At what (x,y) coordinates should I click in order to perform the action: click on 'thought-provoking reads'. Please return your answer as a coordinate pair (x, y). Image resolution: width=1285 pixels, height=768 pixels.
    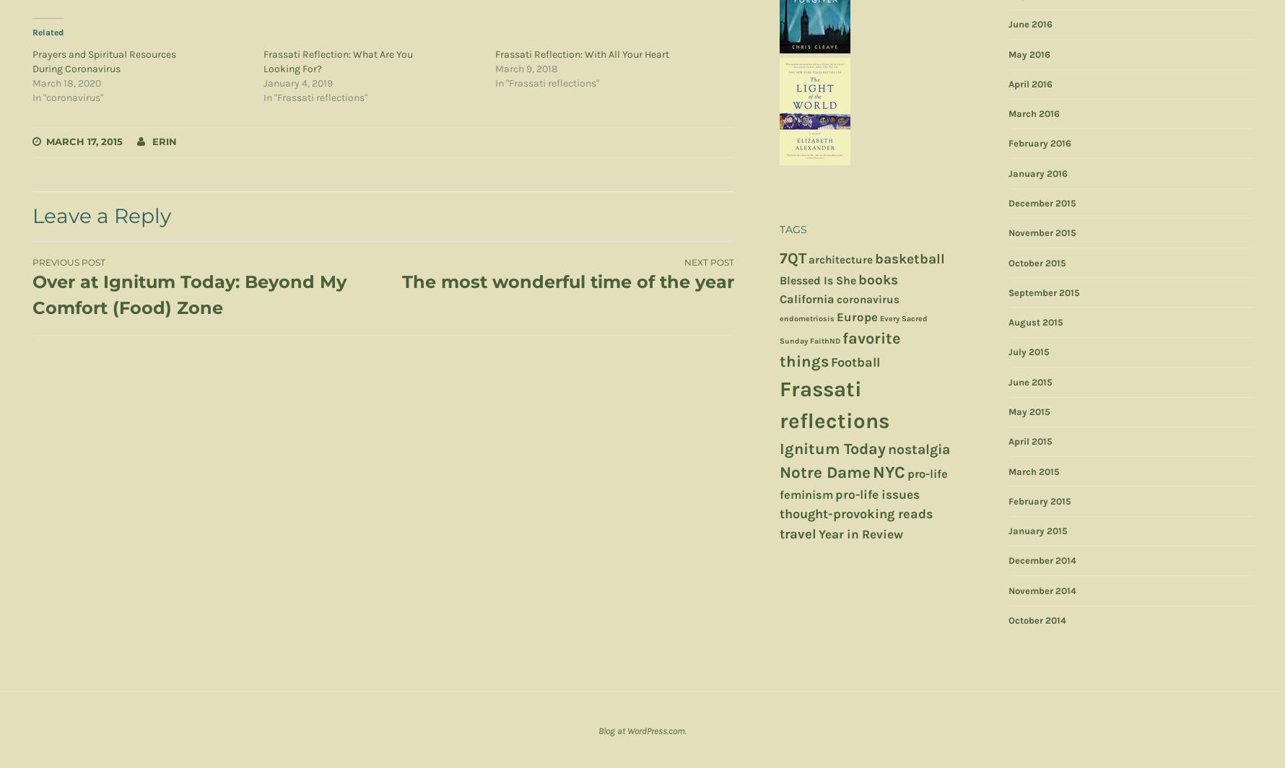
    Looking at the image, I should click on (855, 514).